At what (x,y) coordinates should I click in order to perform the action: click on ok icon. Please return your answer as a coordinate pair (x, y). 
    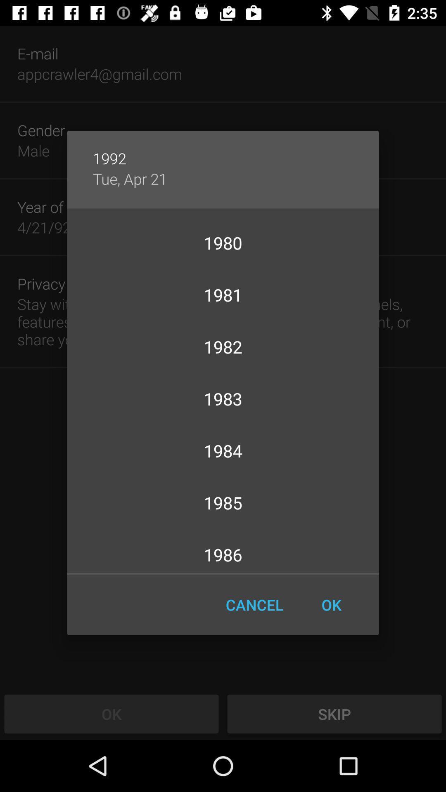
    Looking at the image, I should click on (331, 605).